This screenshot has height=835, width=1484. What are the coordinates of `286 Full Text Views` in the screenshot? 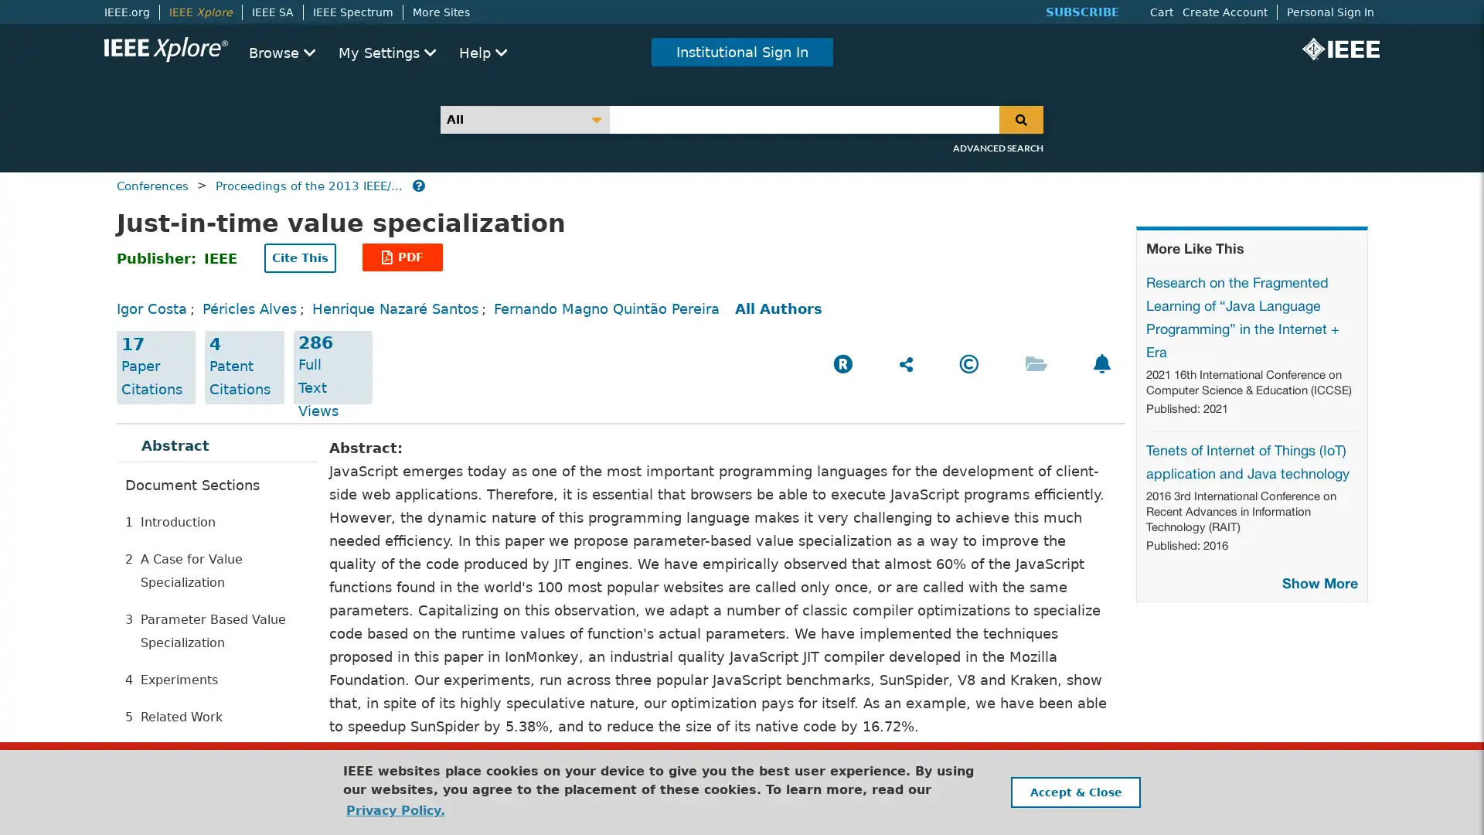 It's located at (332, 367).